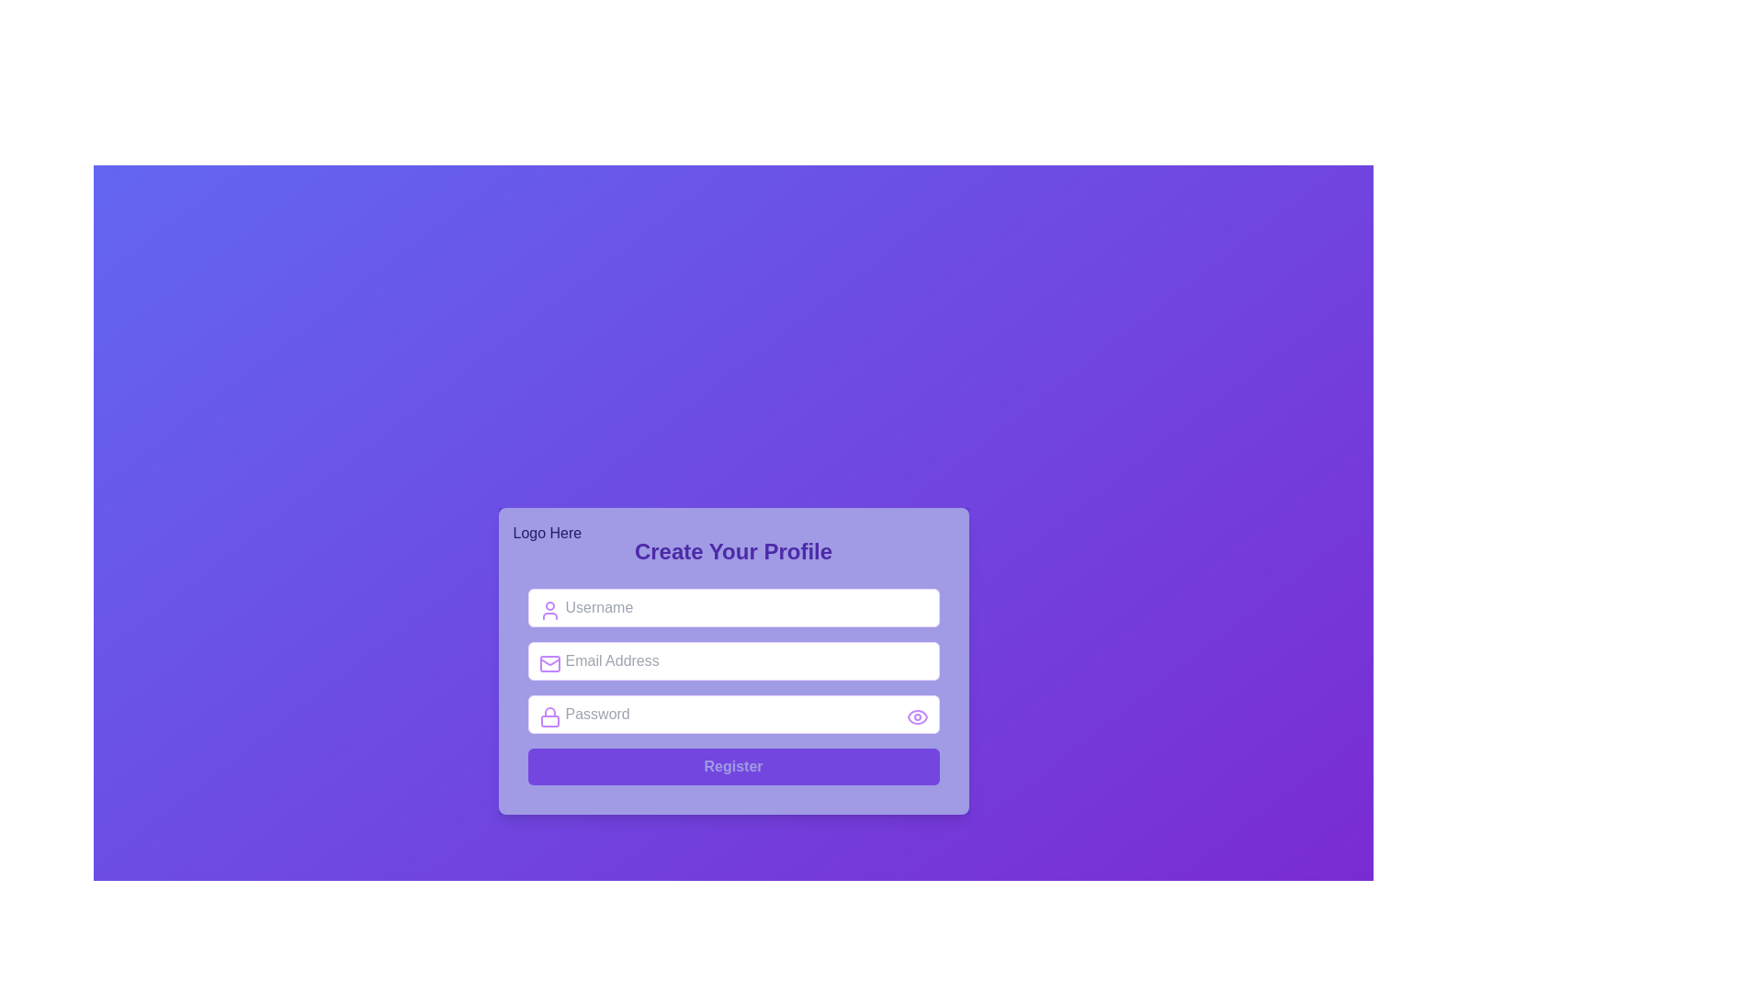  What do you see at coordinates (548, 720) in the screenshot?
I see `the lower rectangular part of the lock icon, which is located to the left of the 'Password' input field on the form` at bounding box center [548, 720].